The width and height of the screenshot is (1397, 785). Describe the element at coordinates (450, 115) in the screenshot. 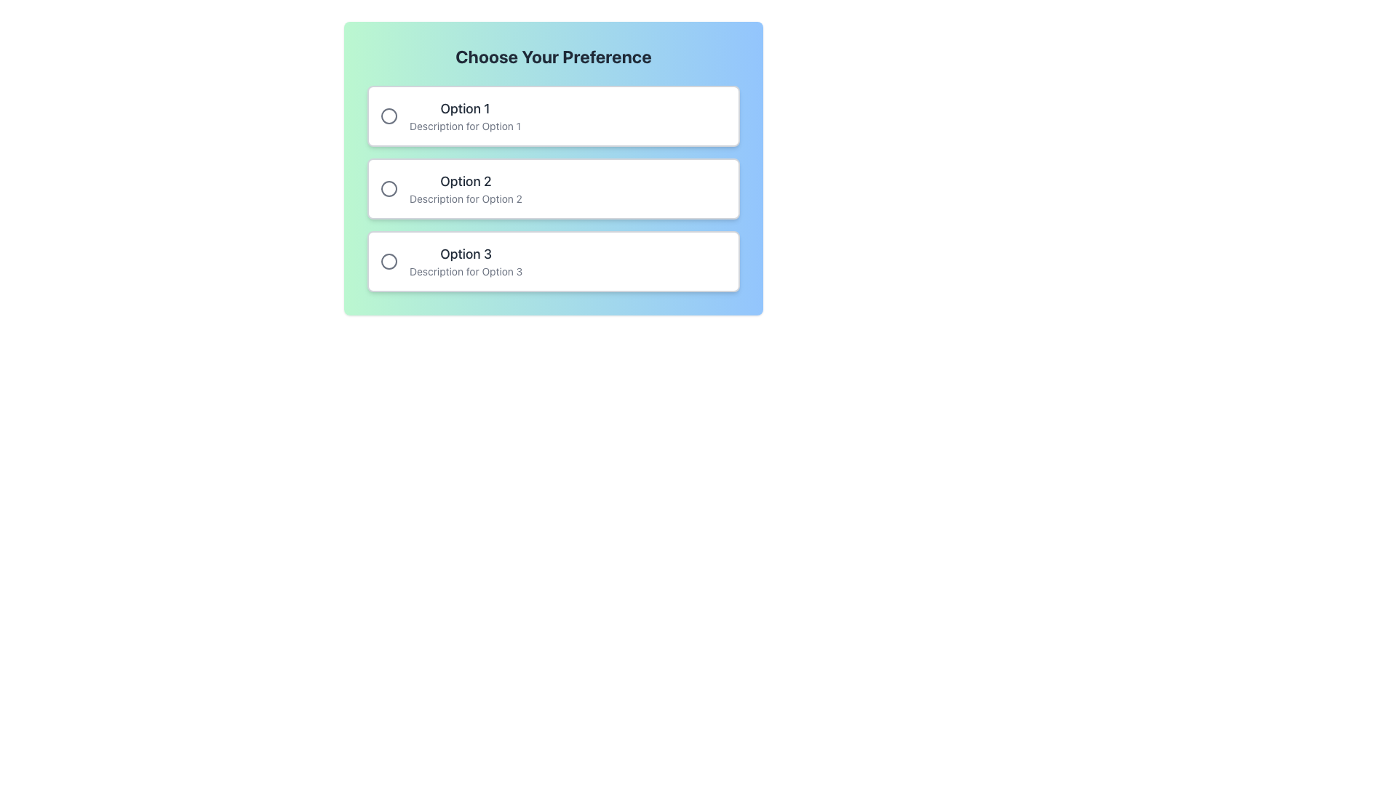

I see `the first selectable option (radio button) in the list located under the 'Choose Your Preference' heading` at that location.